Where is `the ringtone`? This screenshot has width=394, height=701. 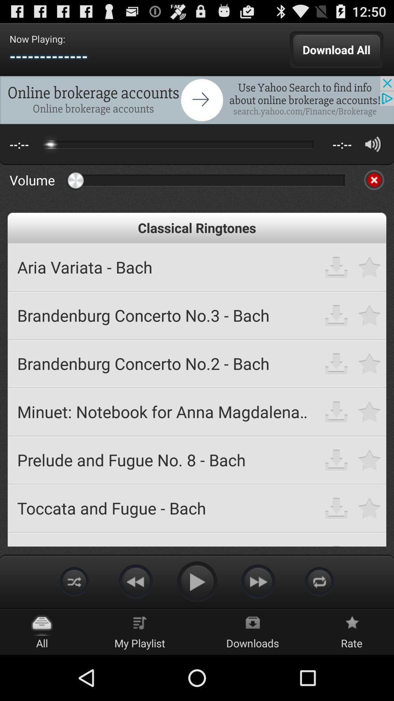
the ringtone is located at coordinates (370, 459).